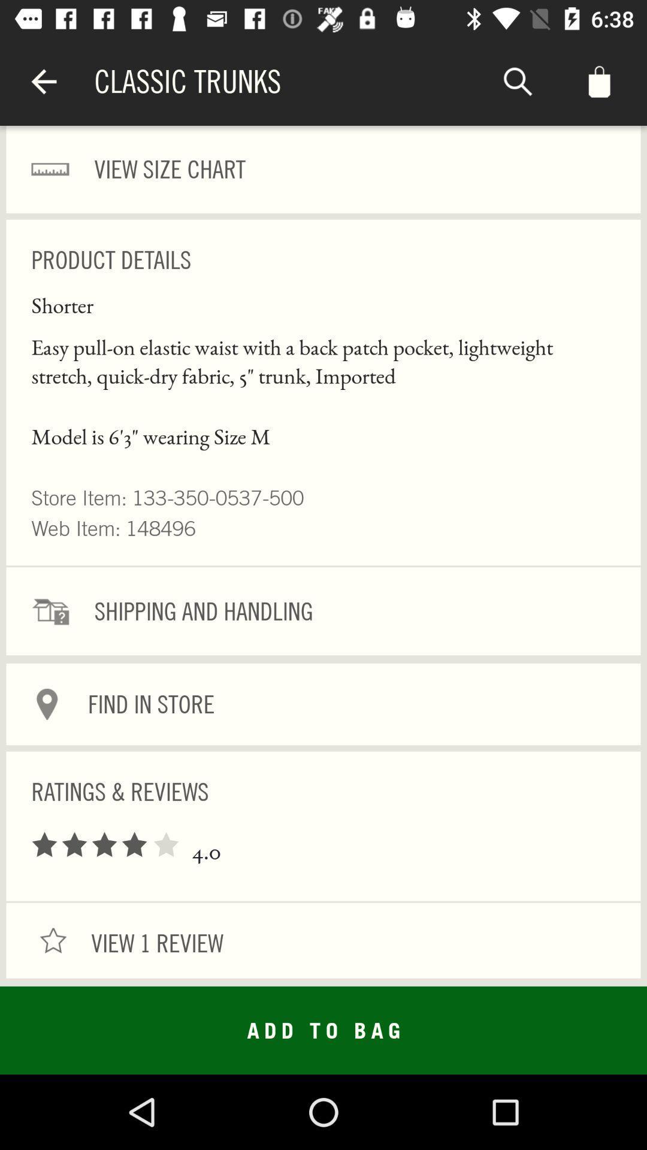 The image size is (647, 1150). What do you see at coordinates (323, 1030) in the screenshot?
I see `a d d item` at bounding box center [323, 1030].